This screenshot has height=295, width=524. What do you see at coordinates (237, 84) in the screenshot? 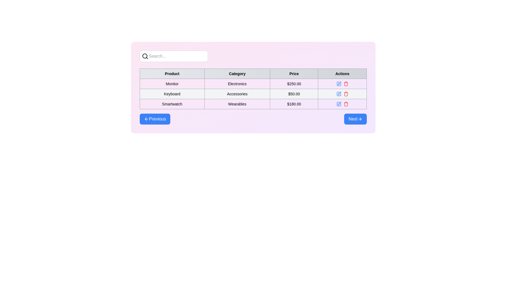
I see `the table cell in the first row, second column, containing the text 'Electronics', which is adjacent to 'Monitor'` at bounding box center [237, 84].